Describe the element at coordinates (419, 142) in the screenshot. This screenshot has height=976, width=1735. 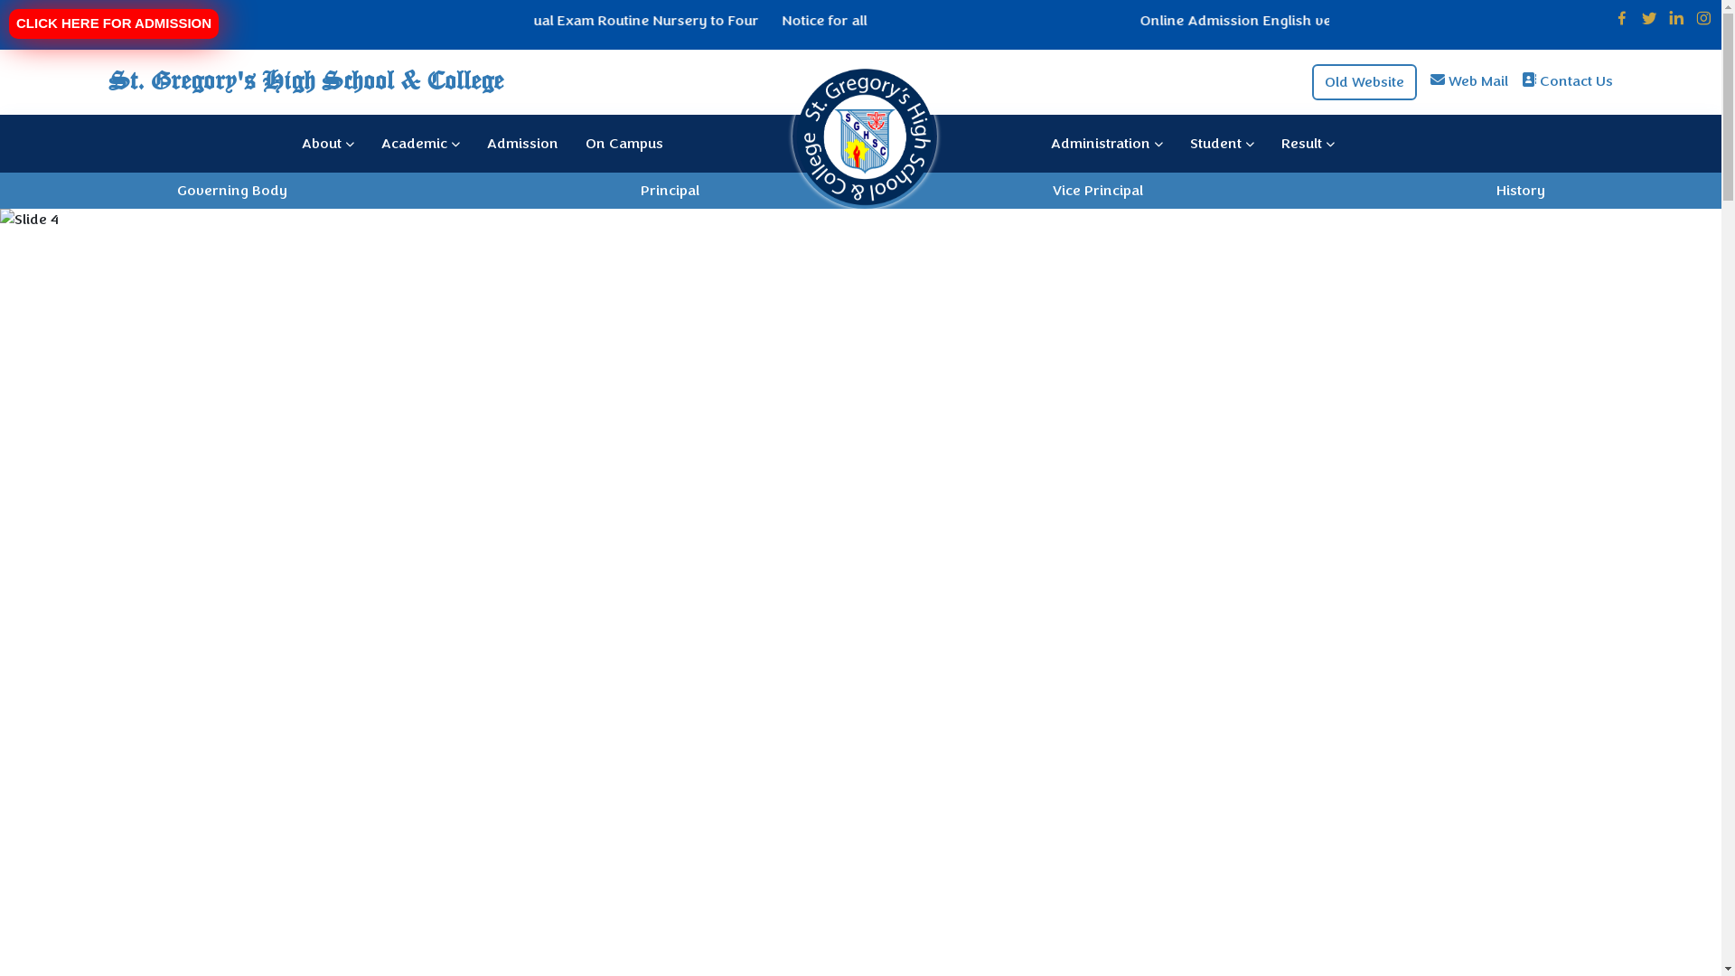
I see `'Academic'` at that location.